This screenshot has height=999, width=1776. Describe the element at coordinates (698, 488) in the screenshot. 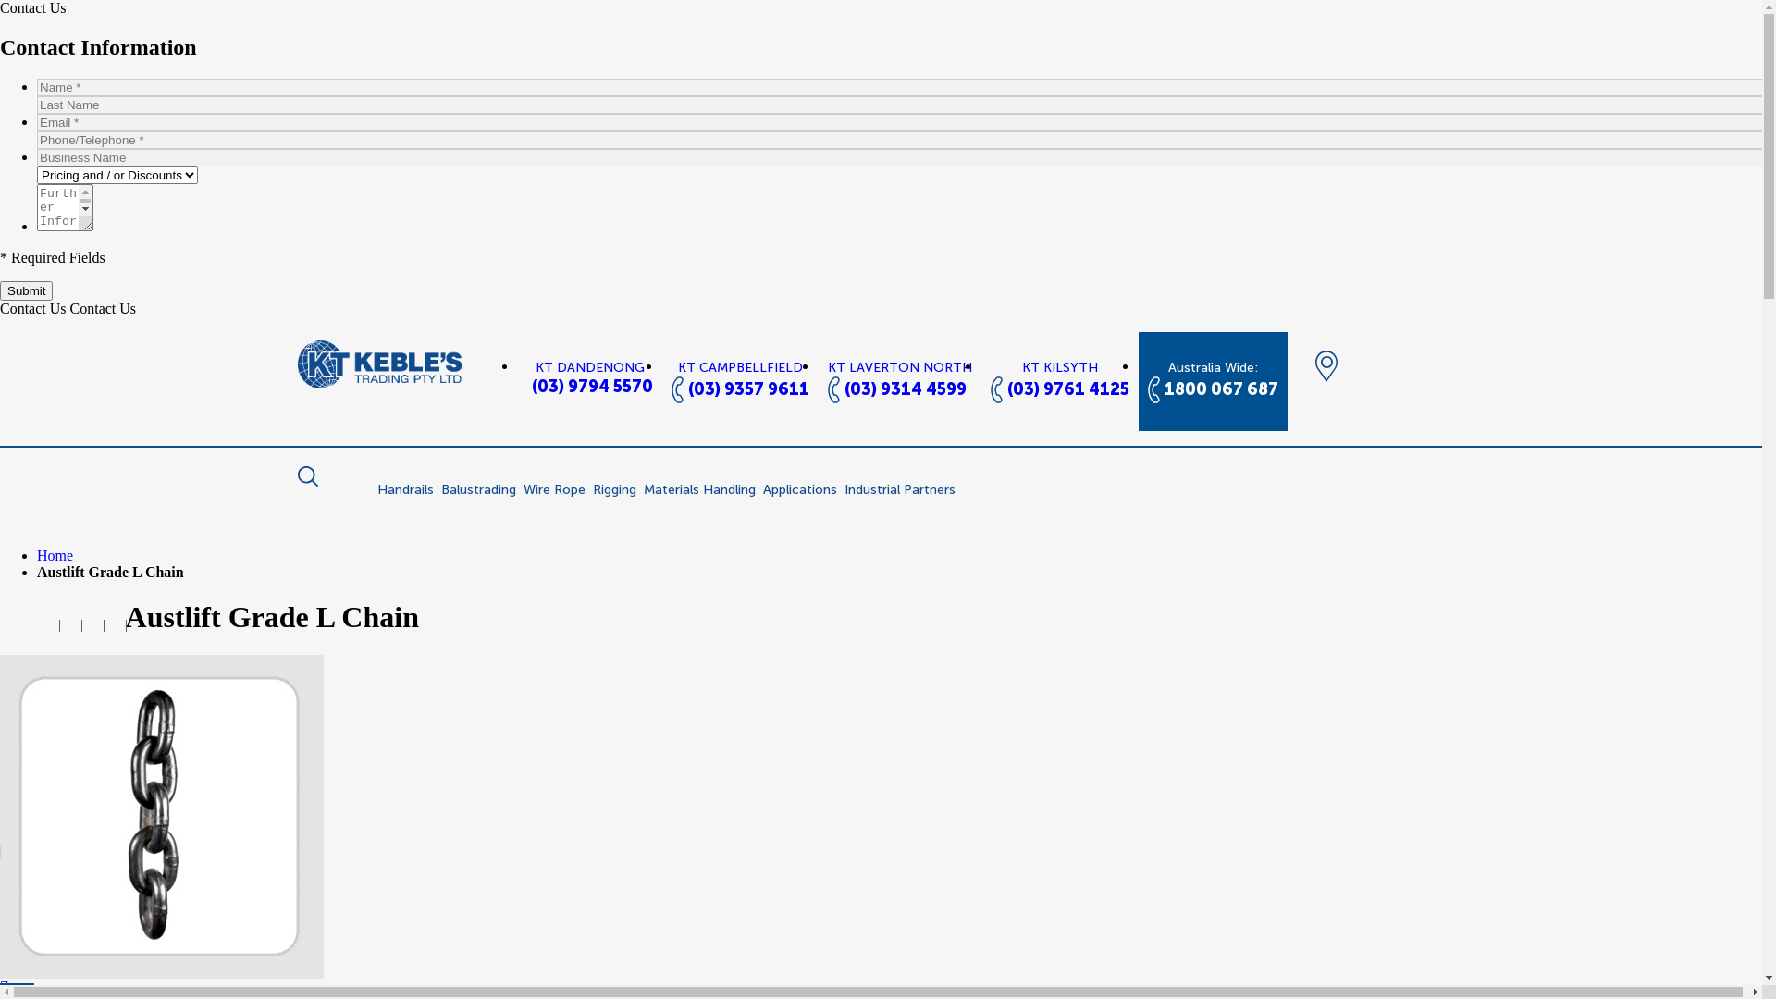

I see `'Materials Handling'` at that location.